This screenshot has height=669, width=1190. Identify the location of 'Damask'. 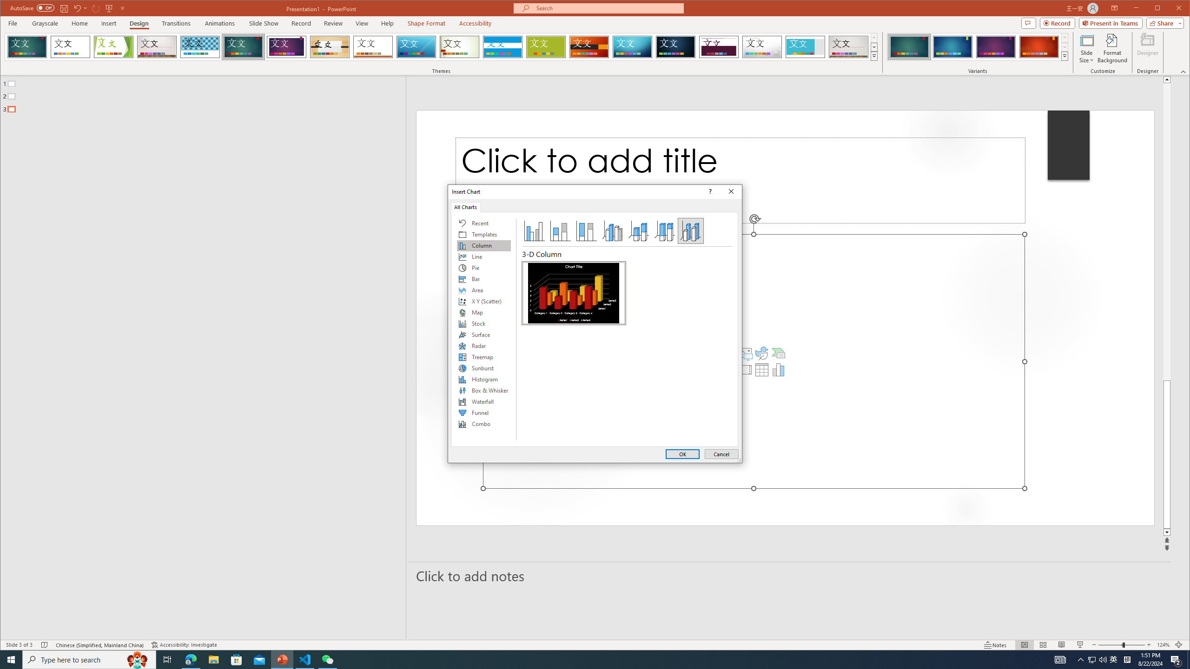
(676, 46).